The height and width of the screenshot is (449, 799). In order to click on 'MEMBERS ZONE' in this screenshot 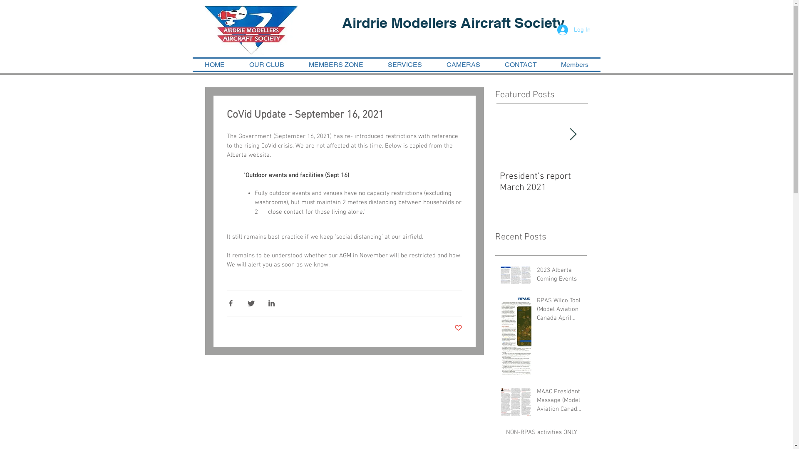, I will do `click(335, 64)`.